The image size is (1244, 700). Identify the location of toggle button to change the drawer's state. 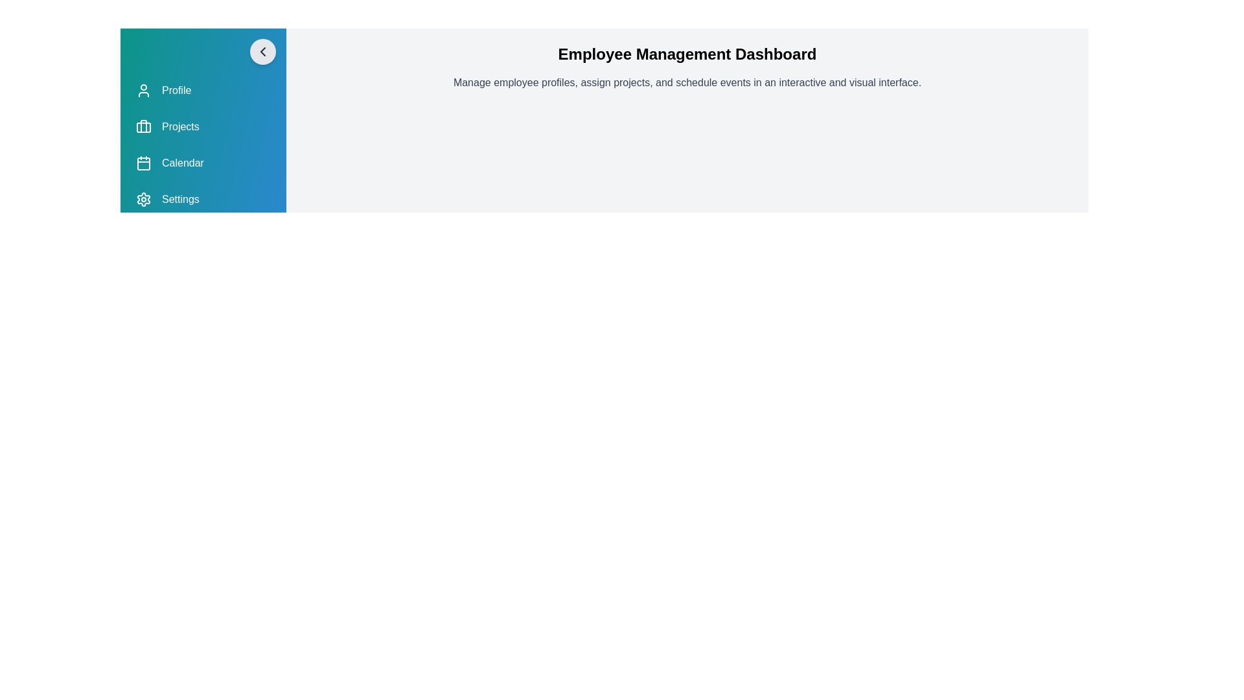
(262, 51).